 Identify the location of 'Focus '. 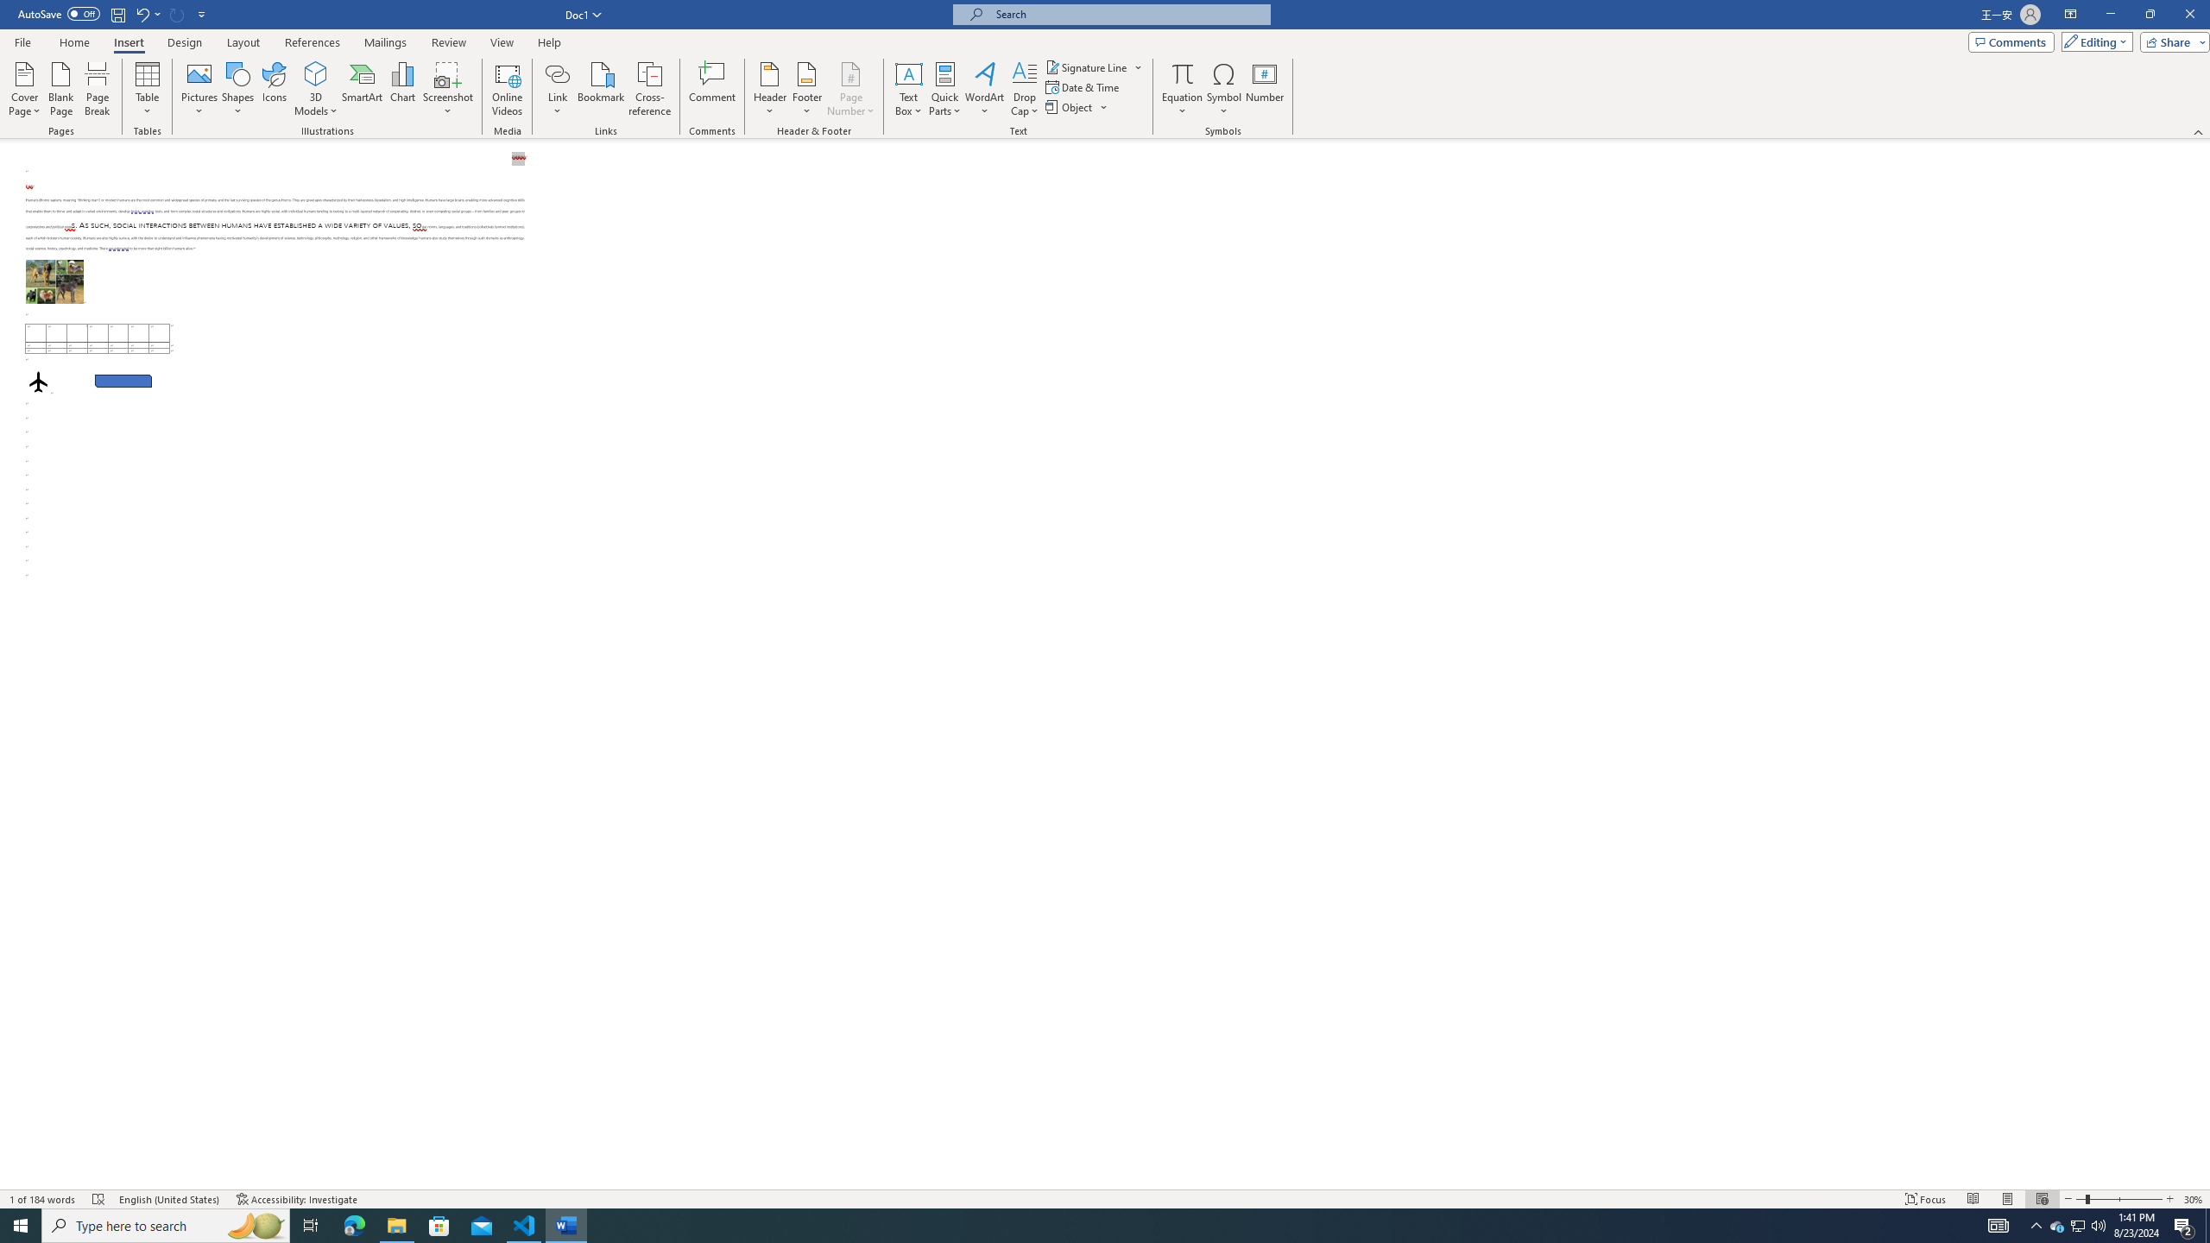
(1925, 1199).